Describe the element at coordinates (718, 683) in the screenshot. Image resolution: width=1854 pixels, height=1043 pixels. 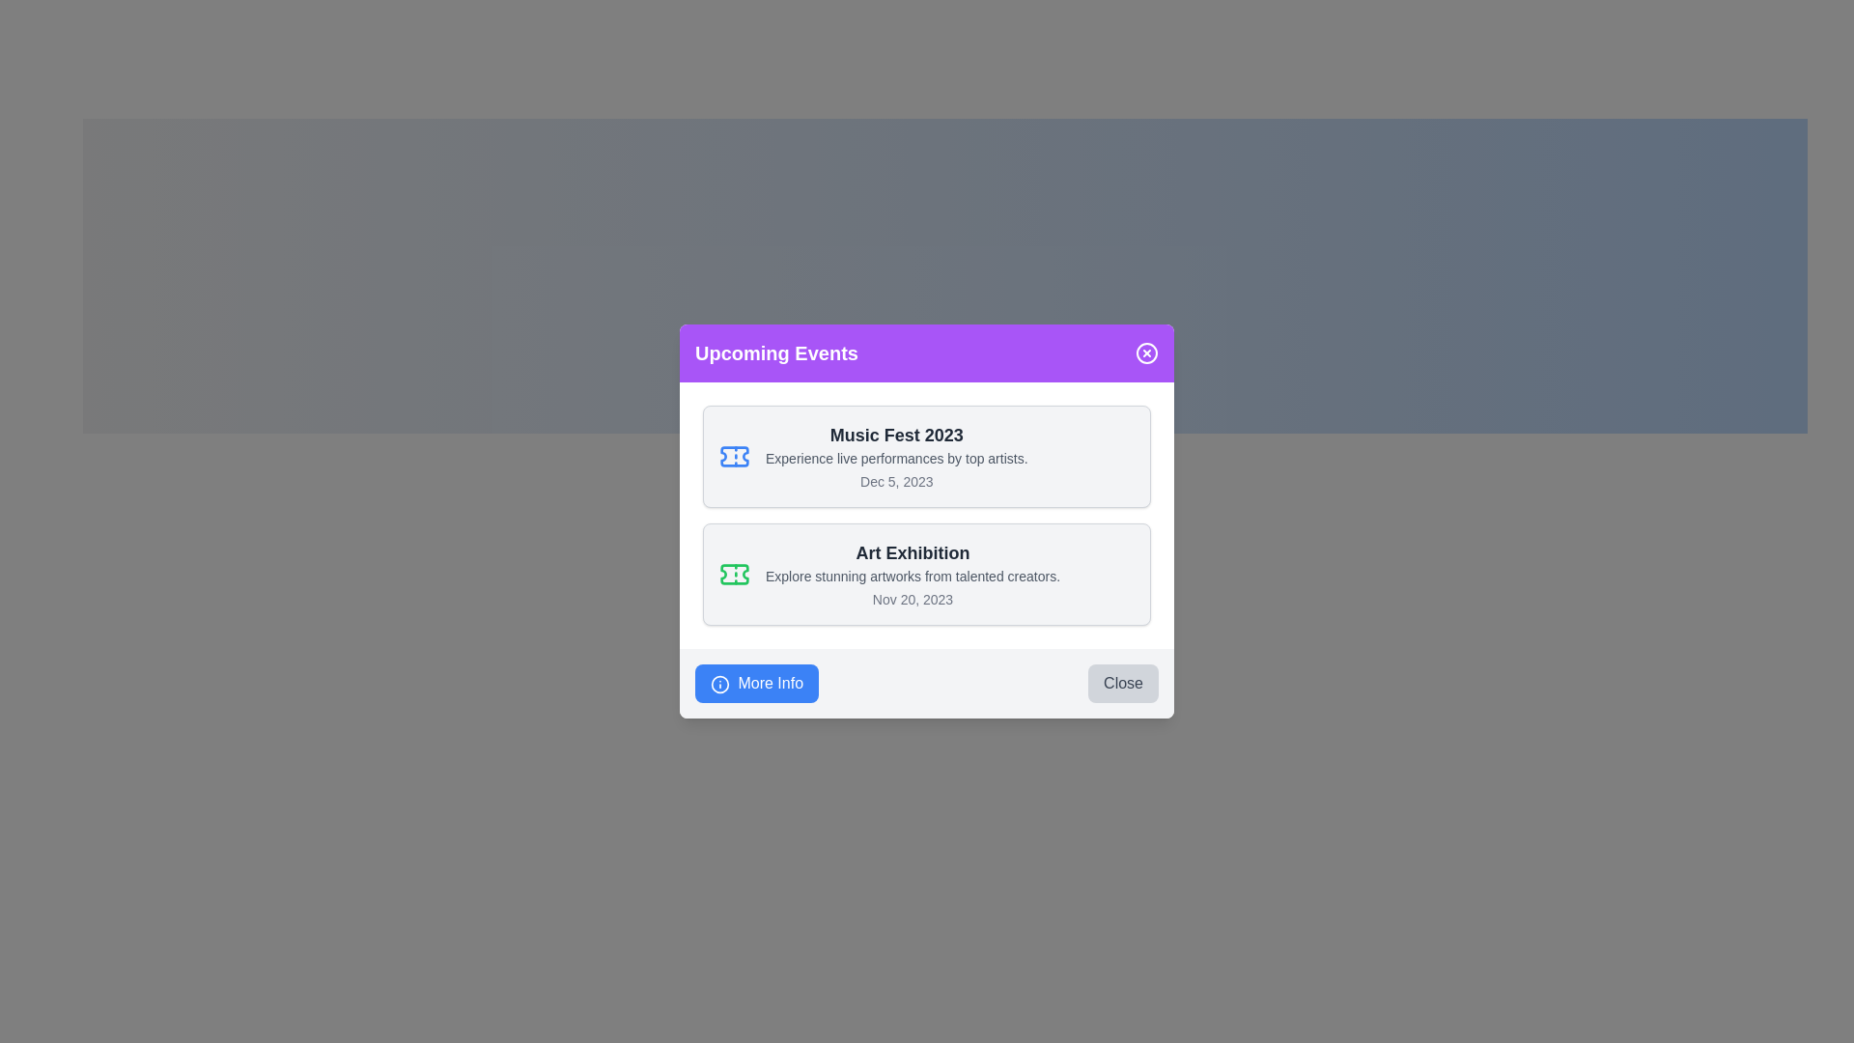
I see `the Circular Icon Border, which is a blue outlined circle located to the left of the 'More Info' button in the modal dialogue` at that location.